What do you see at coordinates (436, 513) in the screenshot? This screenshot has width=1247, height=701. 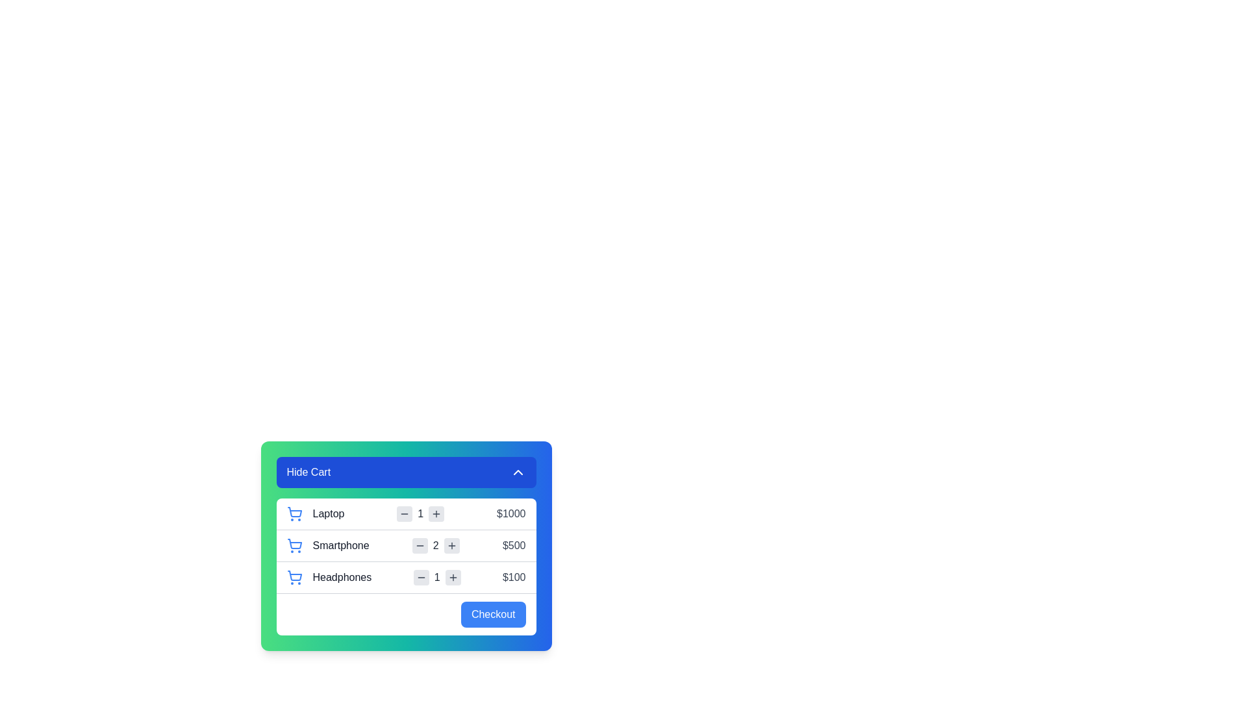 I see `the increment button for the 'Laptop' item in the shopping cart to increase the quantity` at bounding box center [436, 513].